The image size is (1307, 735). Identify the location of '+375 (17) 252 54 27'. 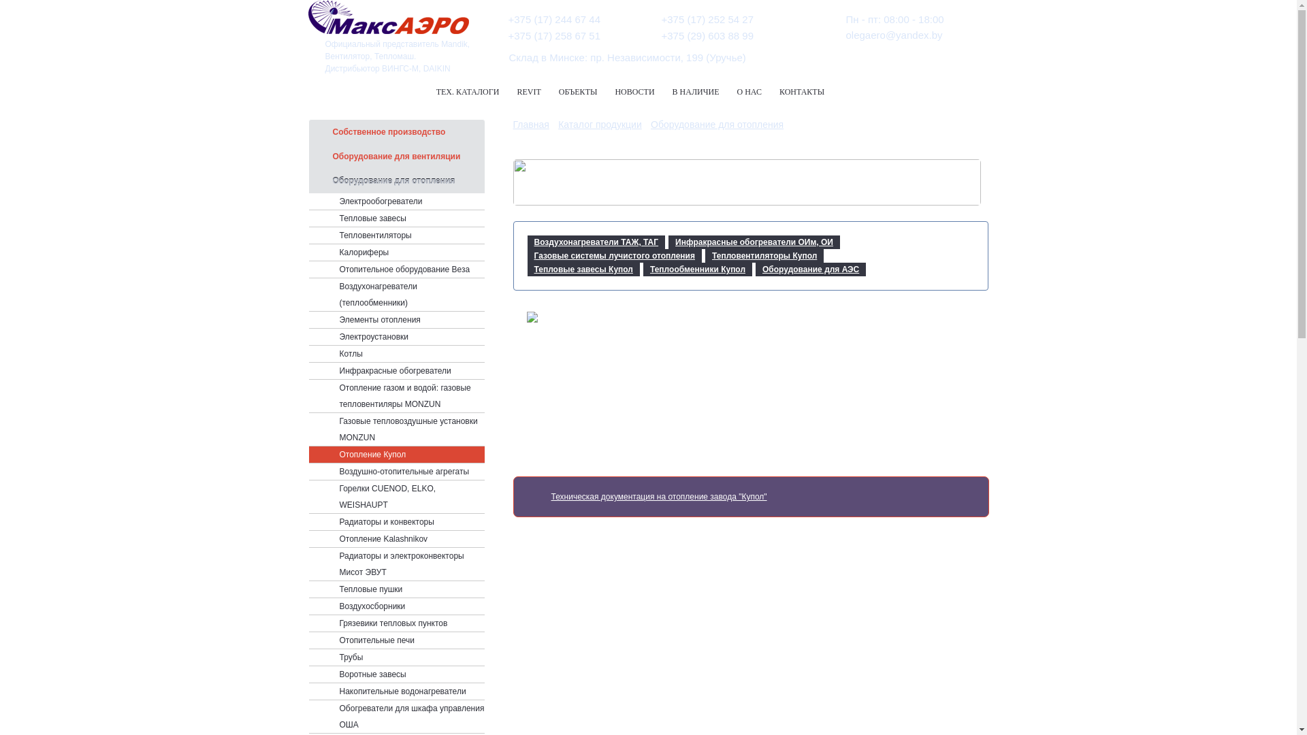
(708, 19).